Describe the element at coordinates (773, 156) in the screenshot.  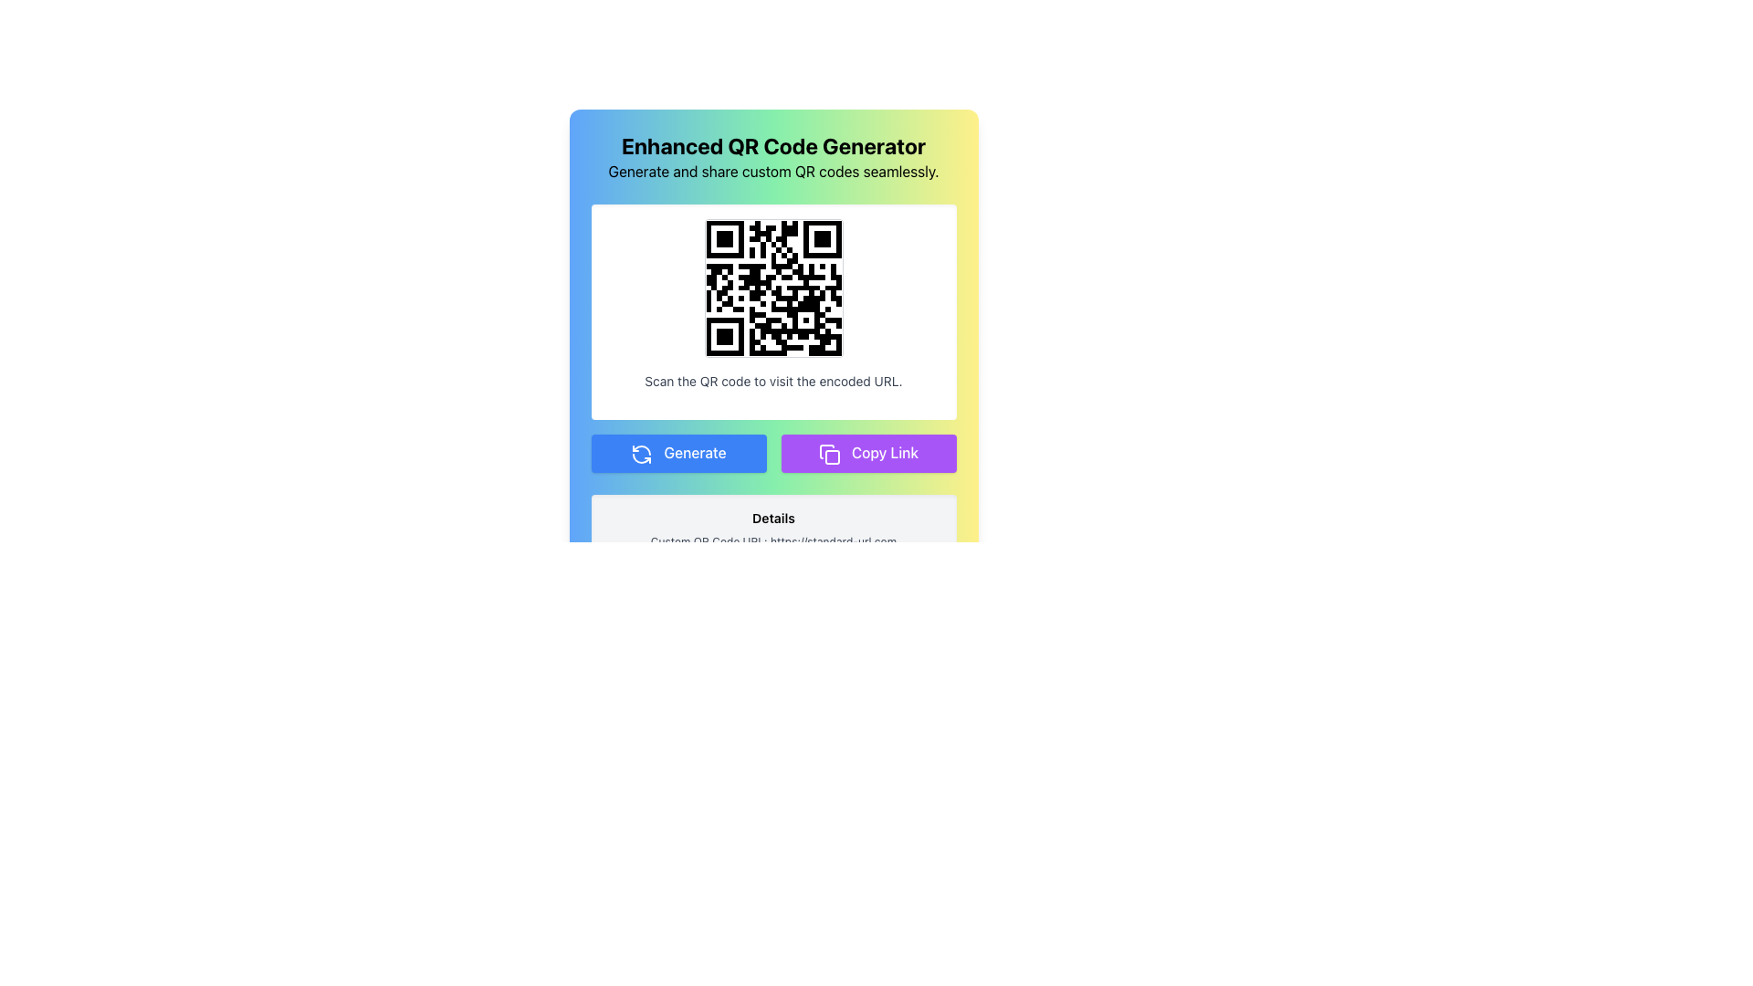
I see `text from the Header element displaying 'Enhanced QR Code Generator' and its subtitle 'Generate and share custom QR codes seamlessly.'` at that location.